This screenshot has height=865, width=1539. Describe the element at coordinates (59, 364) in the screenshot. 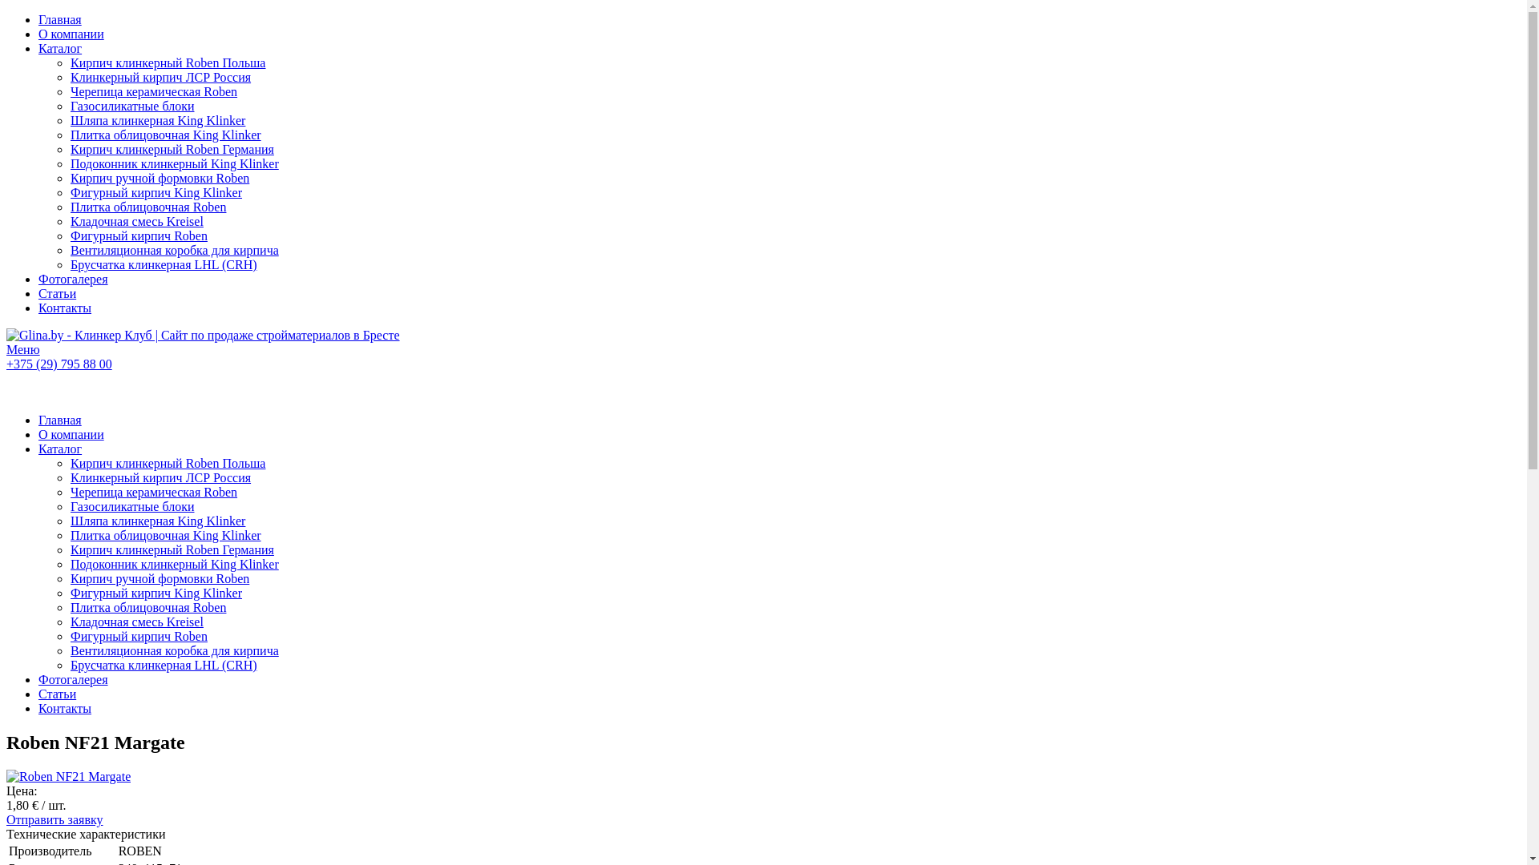

I see `'+375 (29) 795 88 00'` at that location.